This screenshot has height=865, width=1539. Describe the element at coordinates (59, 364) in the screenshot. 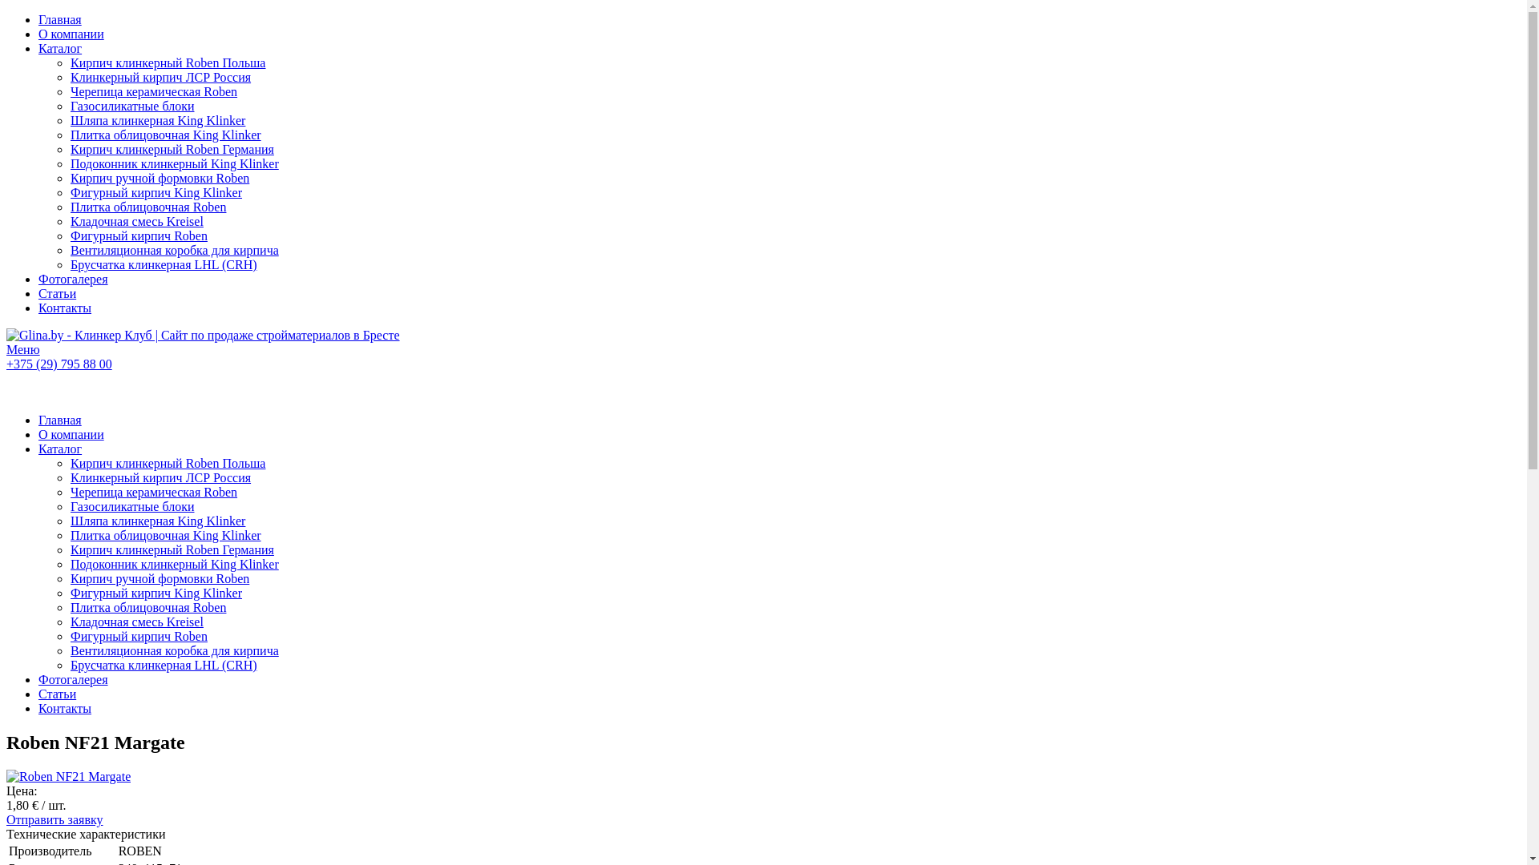

I see `'+375 (29) 795 88 00'` at that location.